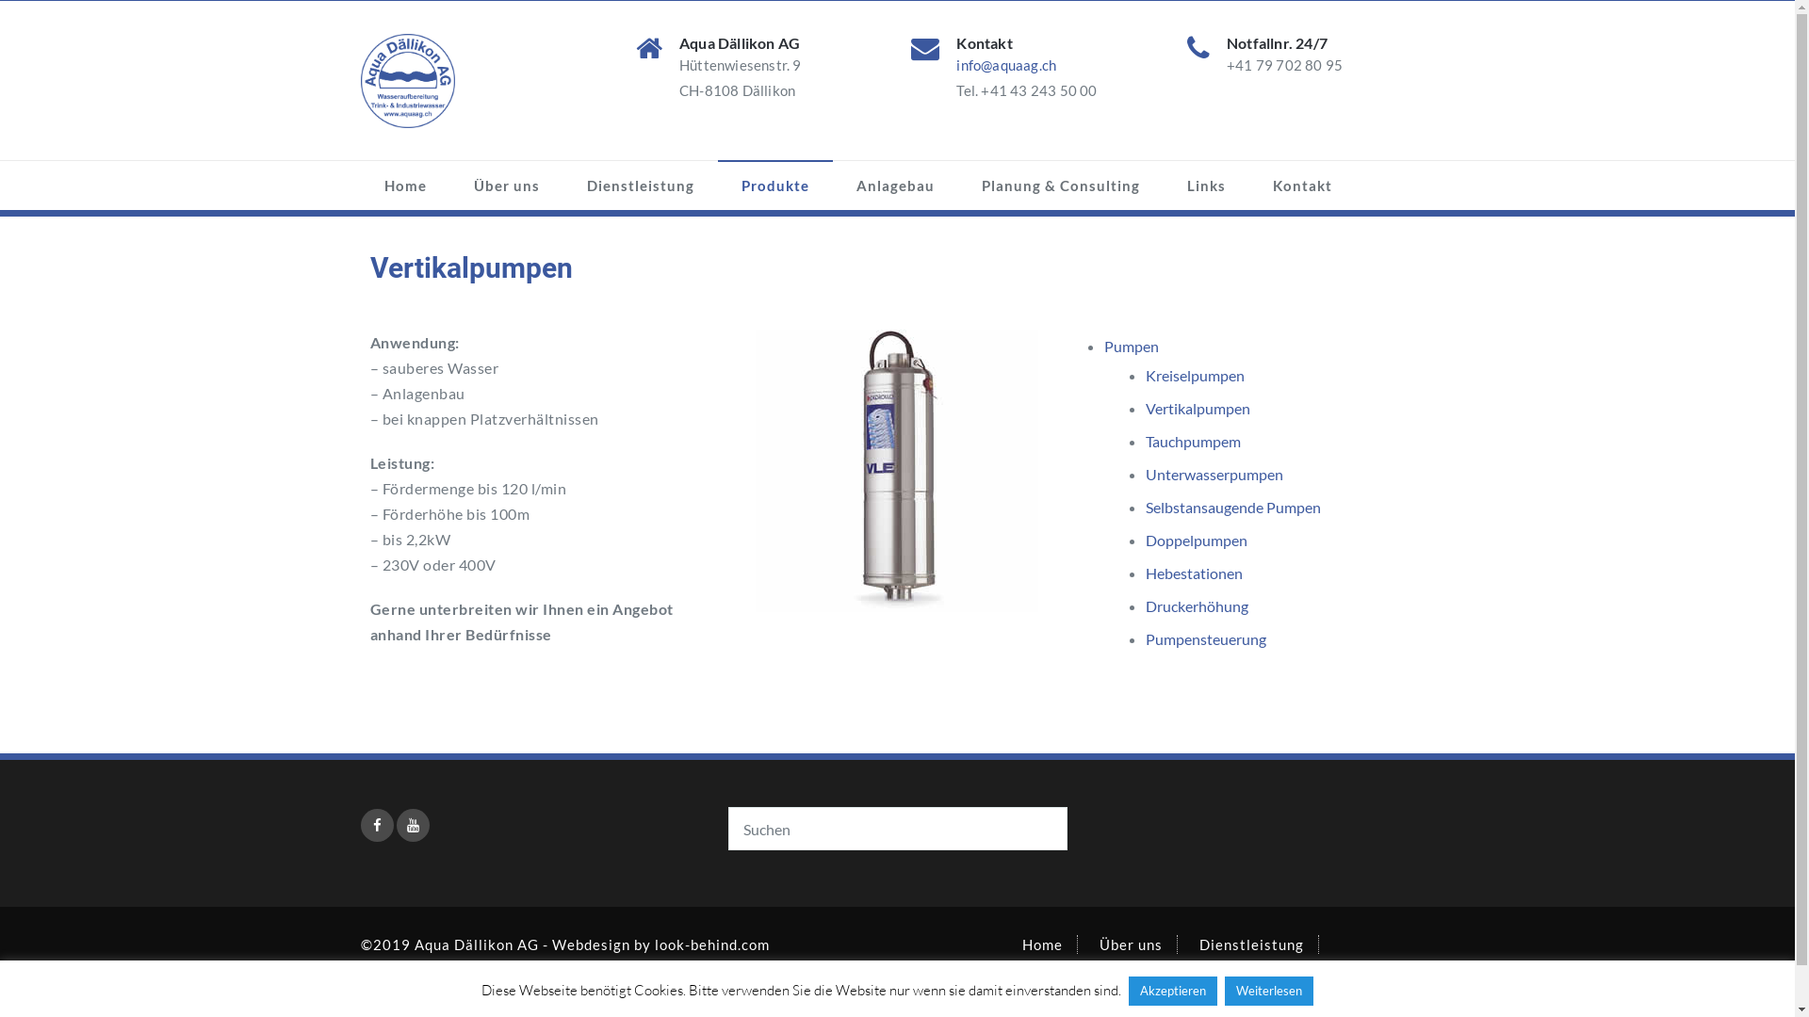 The height and width of the screenshot is (1017, 1809). I want to click on 'Hebestationen', so click(1193, 572).